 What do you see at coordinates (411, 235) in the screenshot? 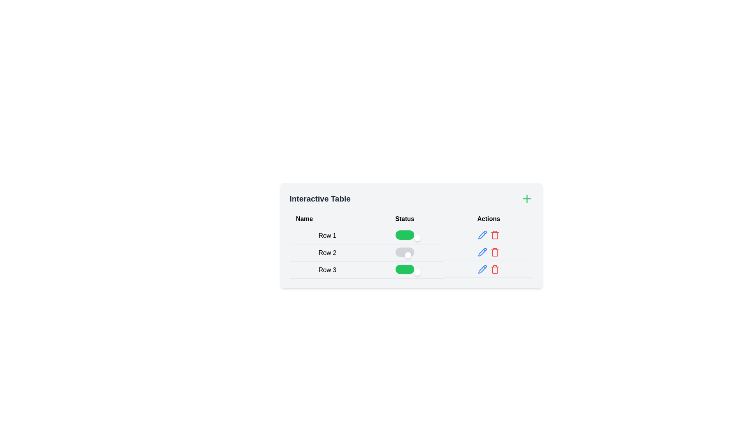
I see `the toggle switch in the first row, second column under the 'Status' header of the 'Interactive Table' to receive a tooltip if available` at bounding box center [411, 235].